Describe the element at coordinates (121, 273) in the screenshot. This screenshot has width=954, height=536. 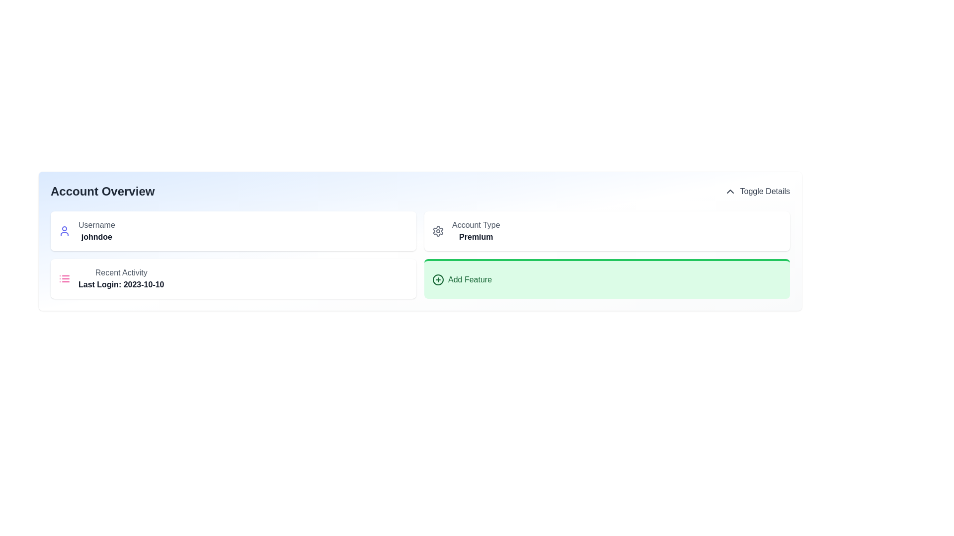
I see `the Text label that serves as a header for the recent account activities section, located below the 'Username' field in the 'Account Overview' panel` at that location.